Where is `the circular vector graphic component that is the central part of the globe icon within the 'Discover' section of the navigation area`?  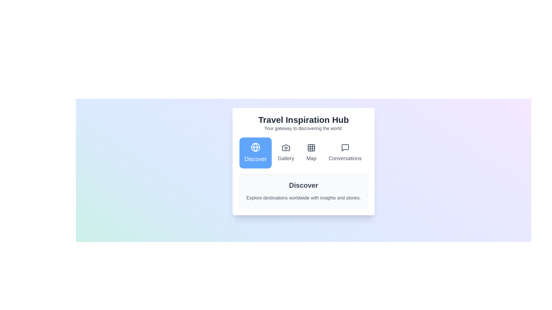 the circular vector graphic component that is the central part of the globe icon within the 'Discover' section of the navigation area is located at coordinates (255, 147).